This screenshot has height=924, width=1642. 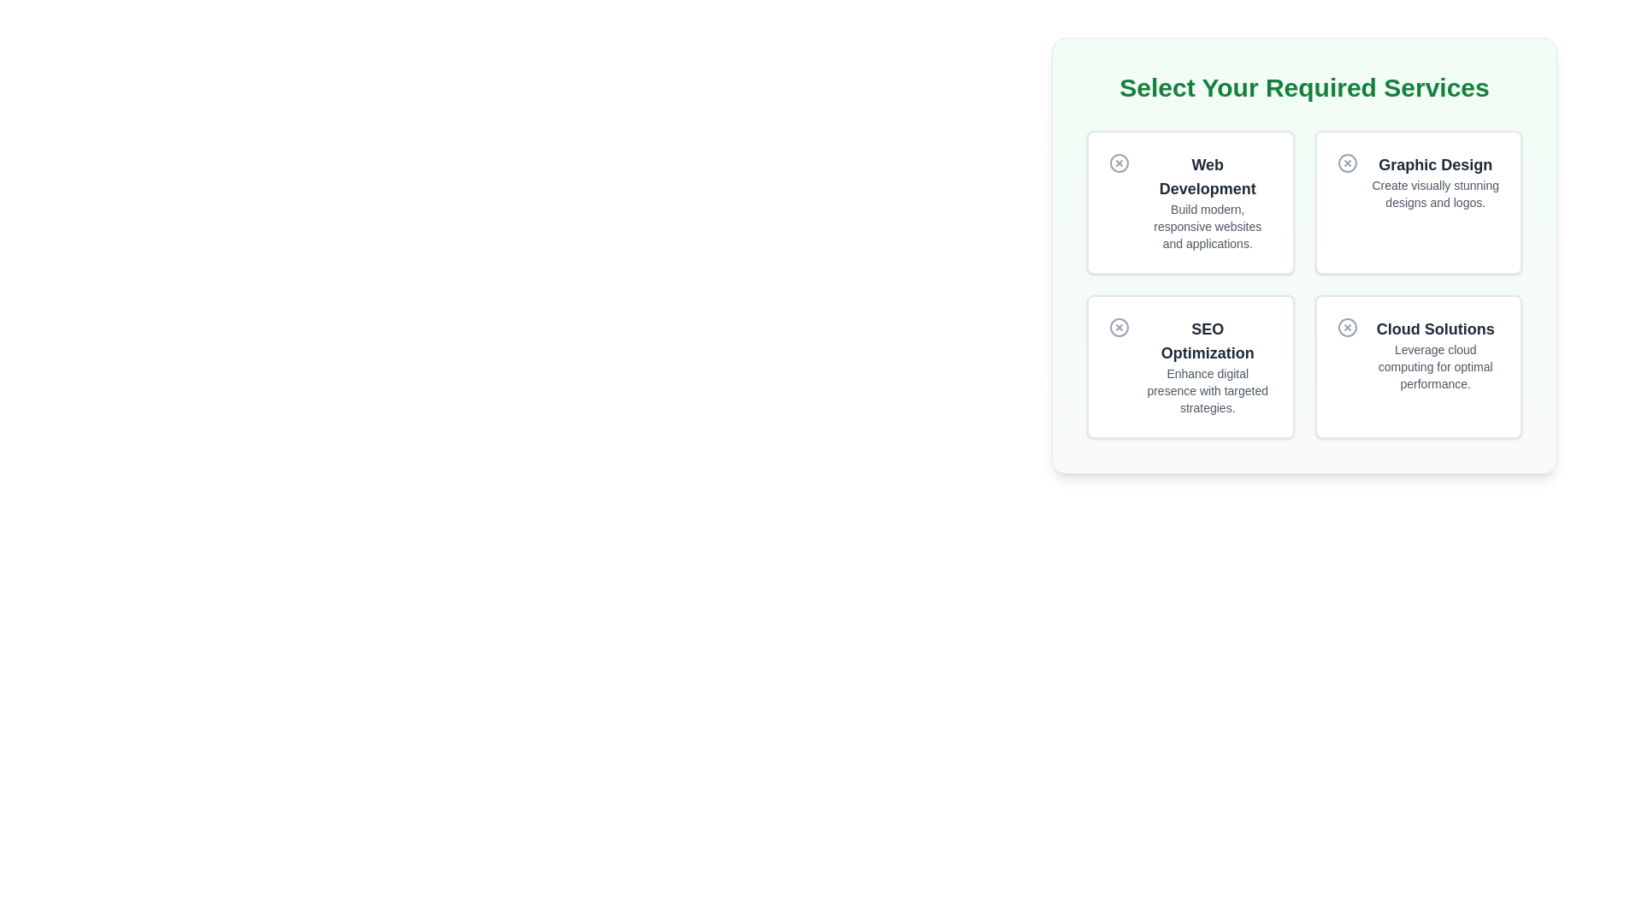 I want to click on the static text element stating 'Enhance digital presence with targeted strategies.' which is styled in gray and positioned beneath 'SEO Optimization.', so click(x=1207, y=390).